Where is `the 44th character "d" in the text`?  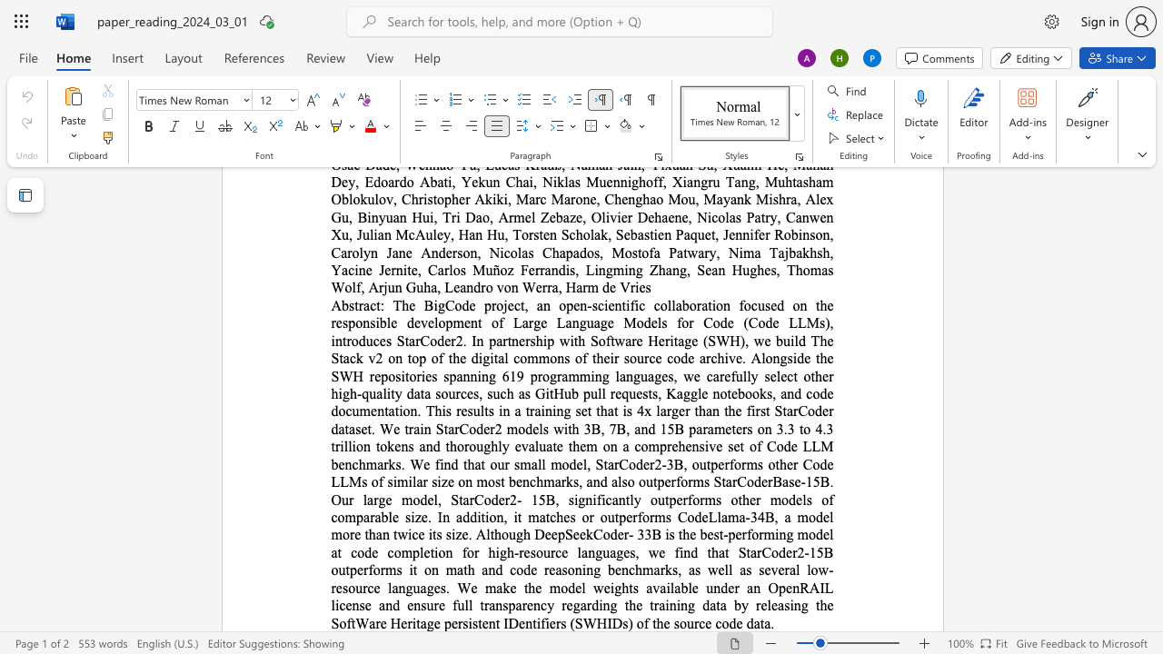
the 44th character "d" in the text is located at coordinates (571, 588).